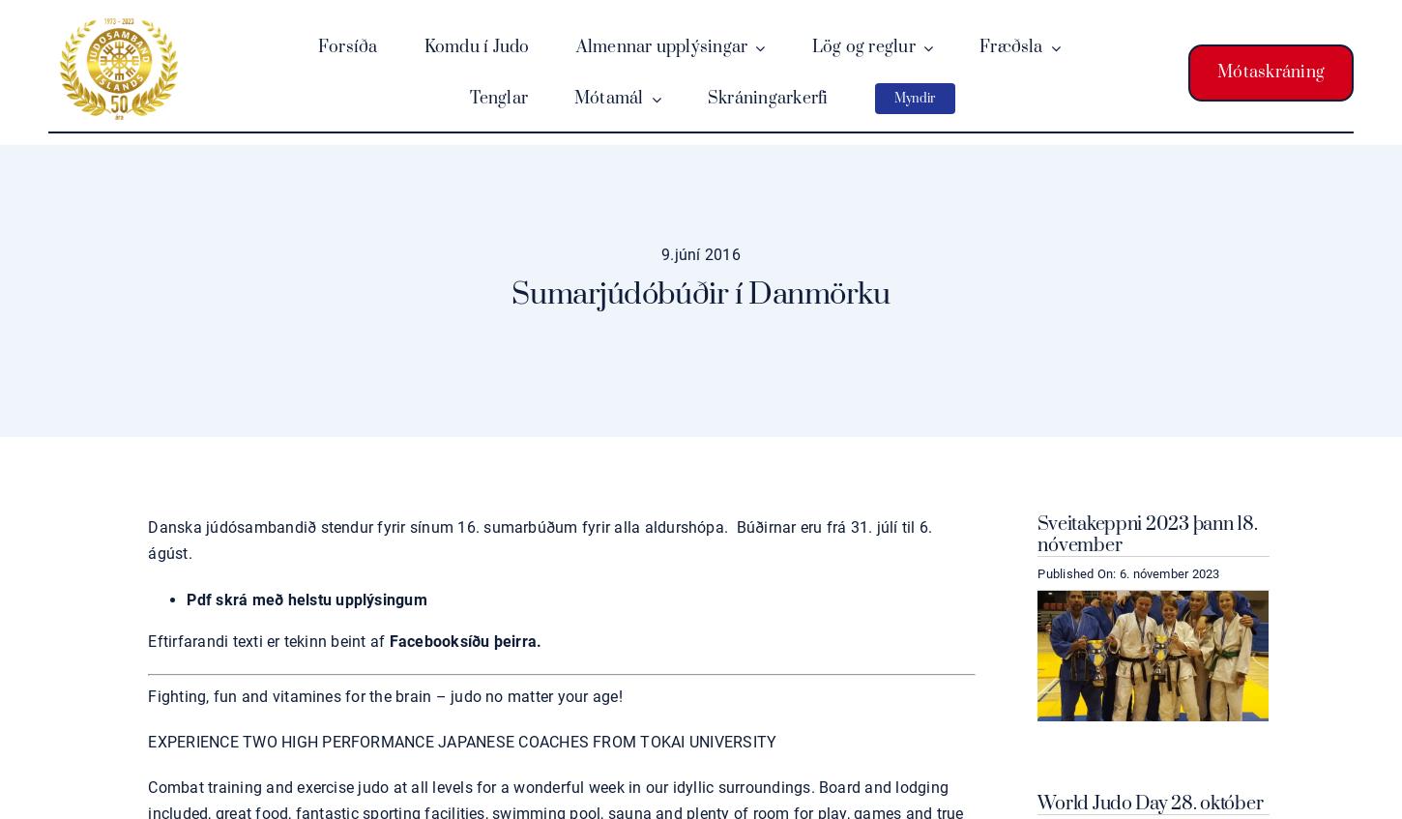 This screenshot has height=819, width=1402. What do you see at coordinates (870, 149) in the screenshot?
I see `'Félagaskipti'` at bounding box center [870, 149].